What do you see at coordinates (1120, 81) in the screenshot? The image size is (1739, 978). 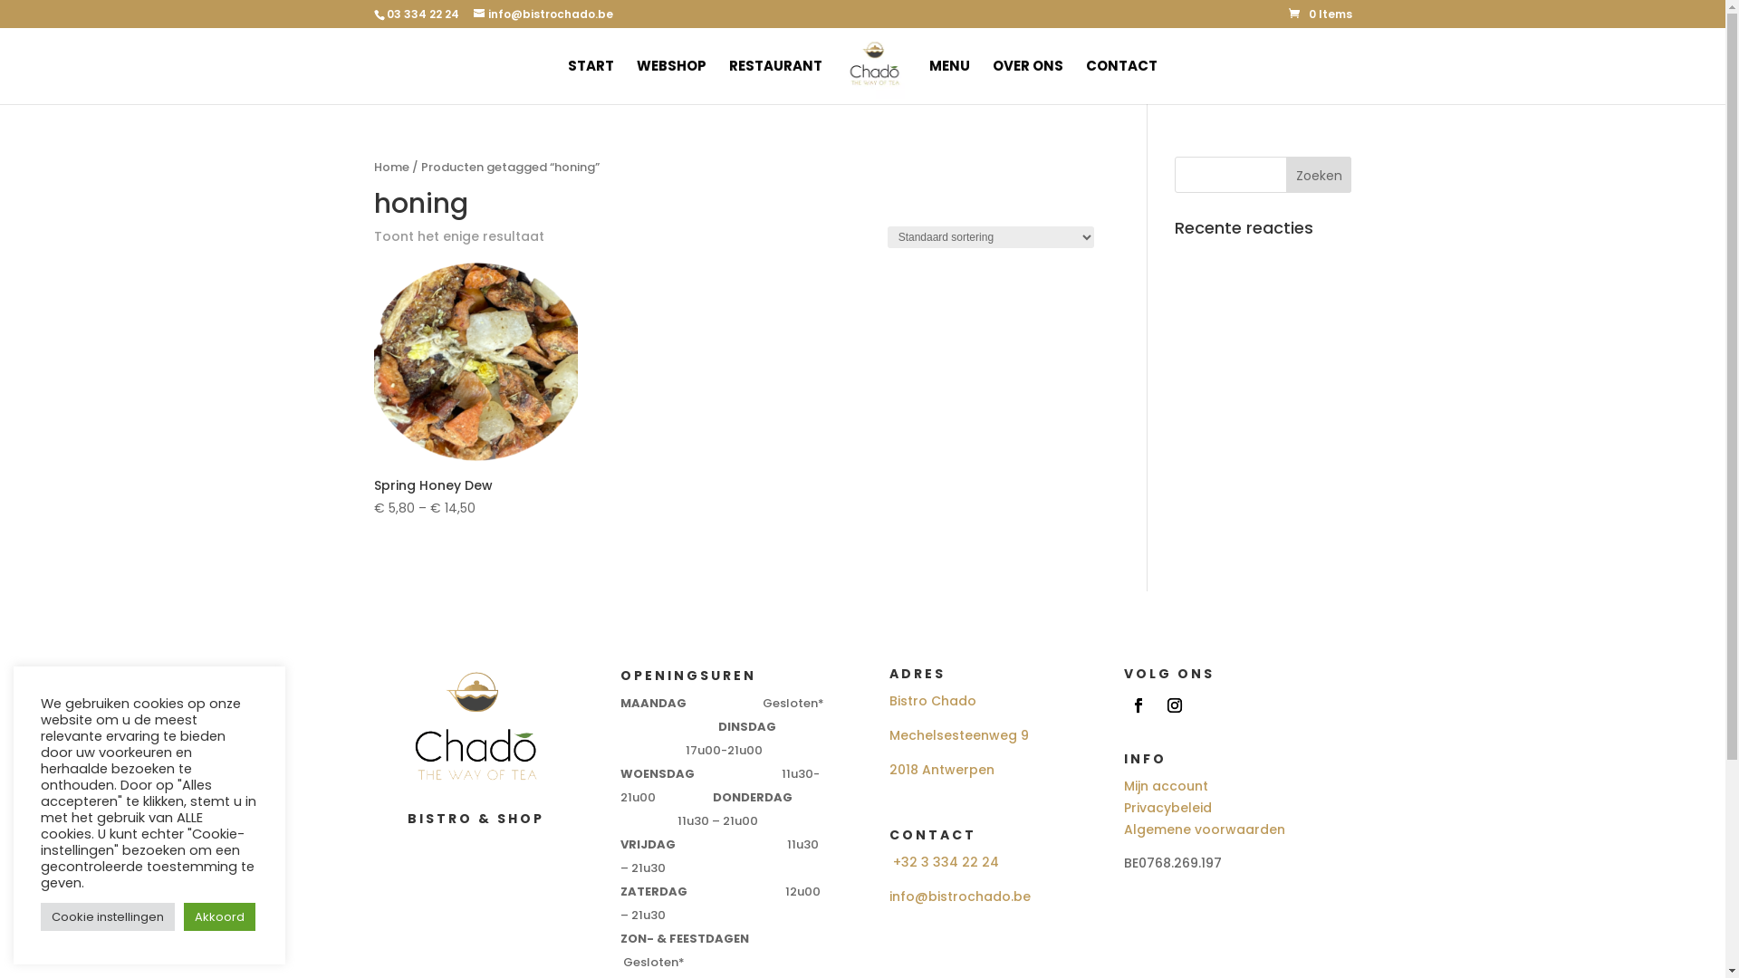 I see `'CONTACT'` at bounding box center [1120, 81].